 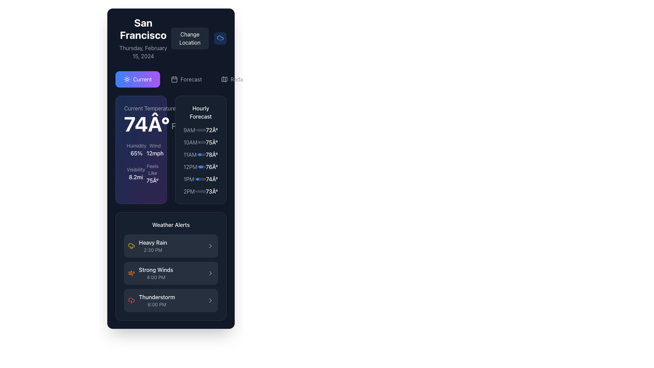 What do you see at coordinates (151, 173) in the screenshot?
I see `'feels like' temperature value displayed in the bottom-right corner of the weather details grid, which is the fourth element in a two-column layout` at bounding box center [151, 173].